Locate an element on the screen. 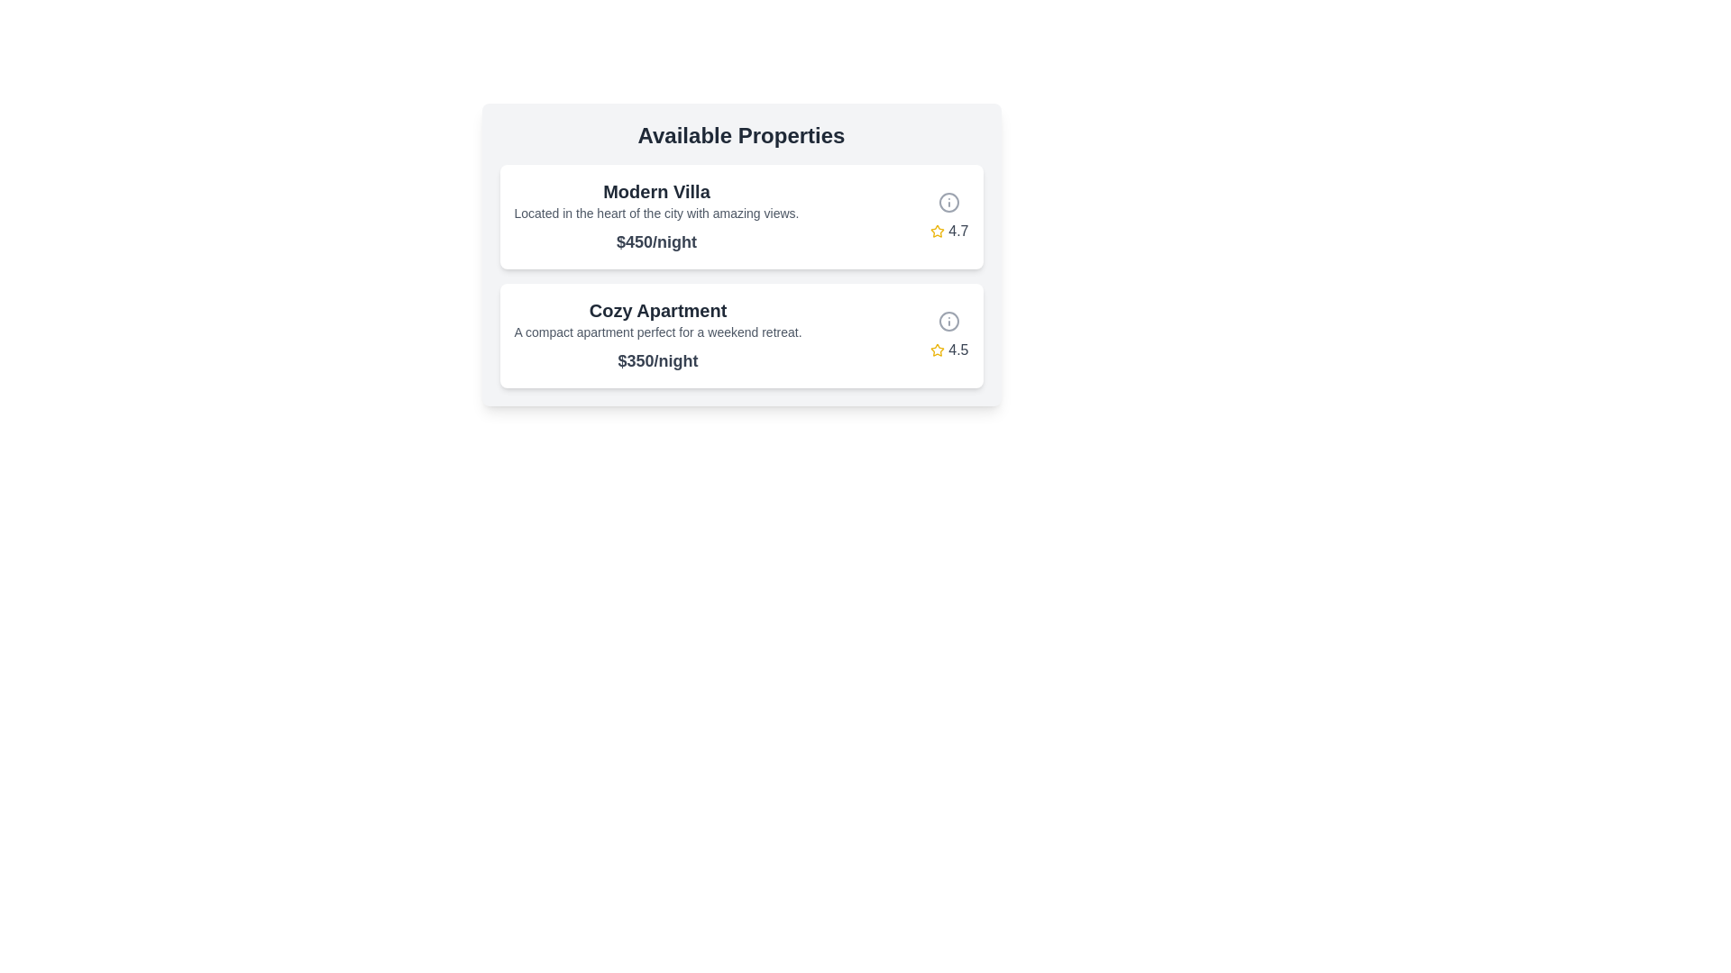 This screenshot has height=973, width=1731. the Information Display icon associated with the 'Cozy Apartment' property is located at coordinates (948, 321).